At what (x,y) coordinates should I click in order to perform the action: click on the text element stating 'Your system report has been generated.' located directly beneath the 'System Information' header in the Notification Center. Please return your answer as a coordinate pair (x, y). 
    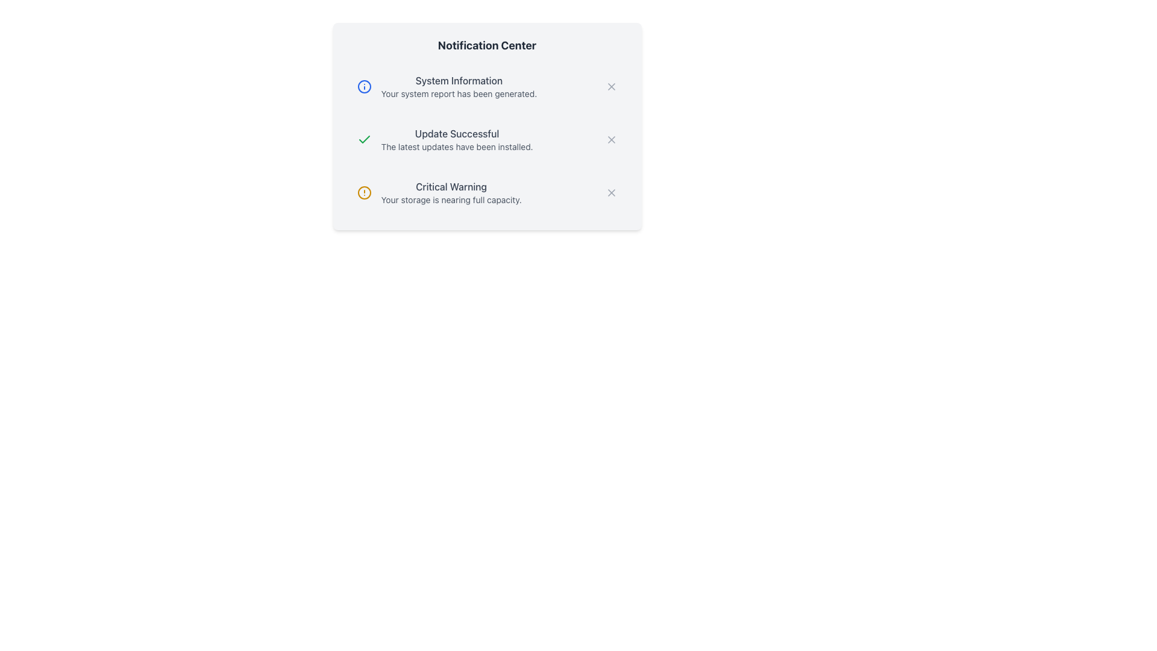
    Looking at the image, I should click on (458, 93).